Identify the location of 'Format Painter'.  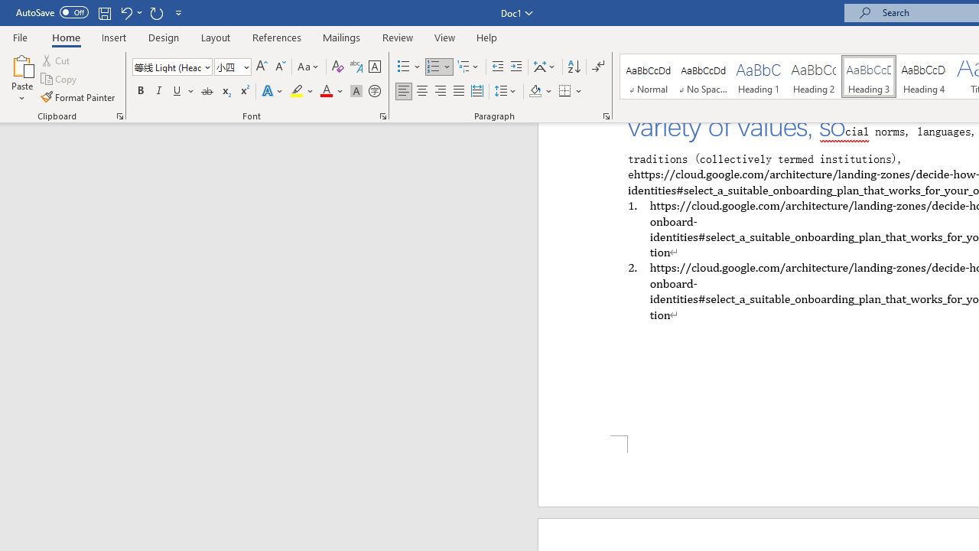
(78, 97).